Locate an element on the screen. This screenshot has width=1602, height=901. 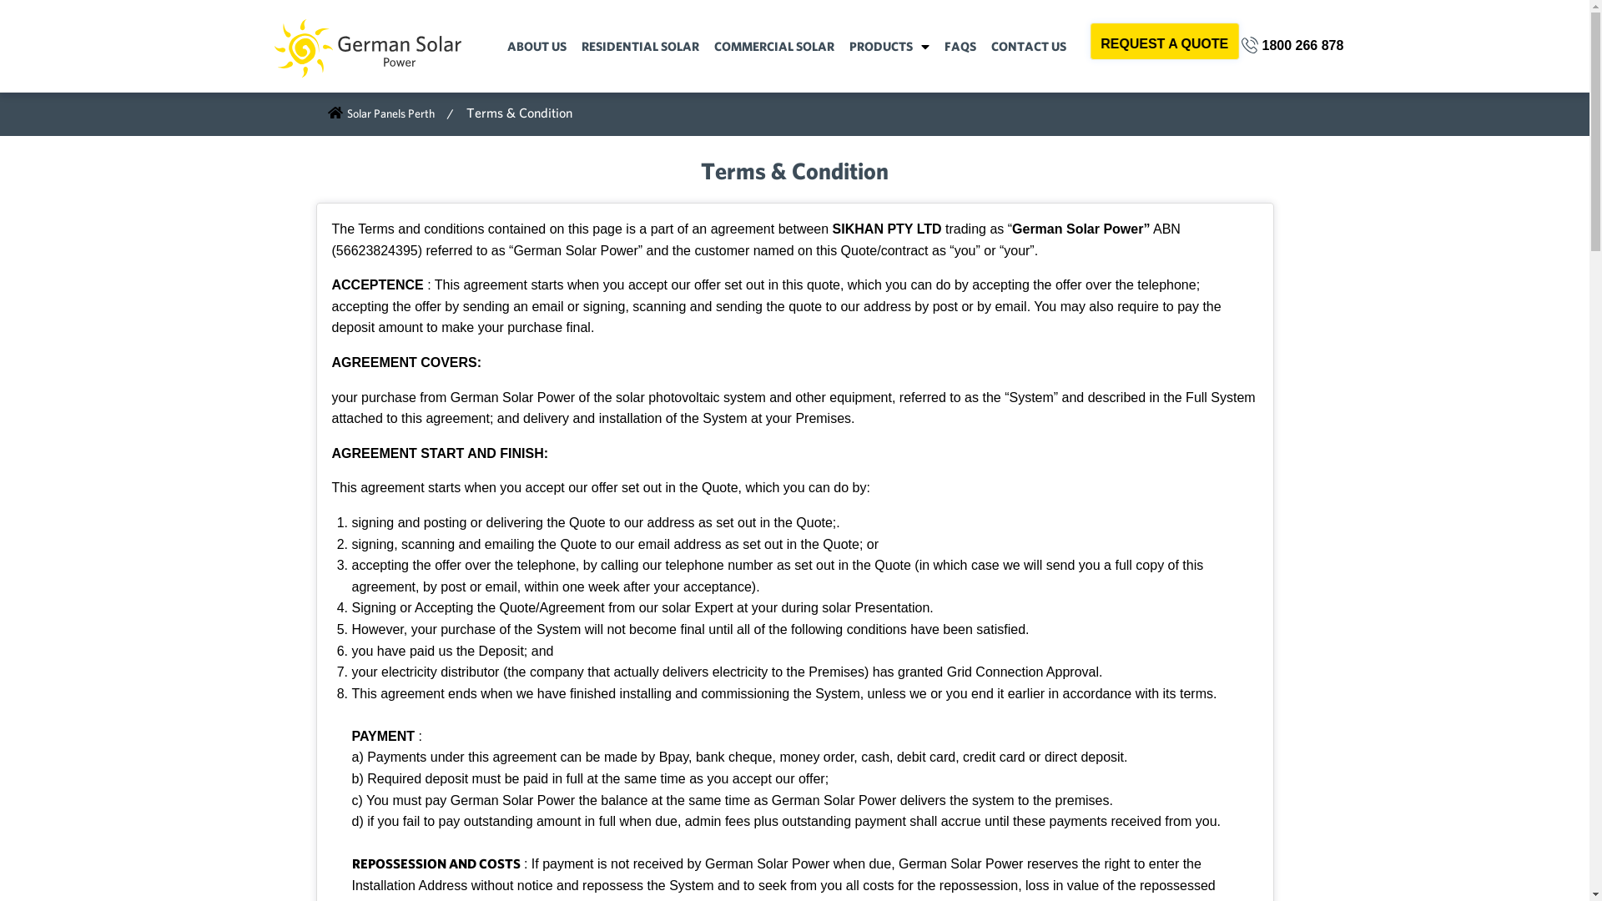
'REQUEST A QUOTE' is located at coordinates (1164, 40).